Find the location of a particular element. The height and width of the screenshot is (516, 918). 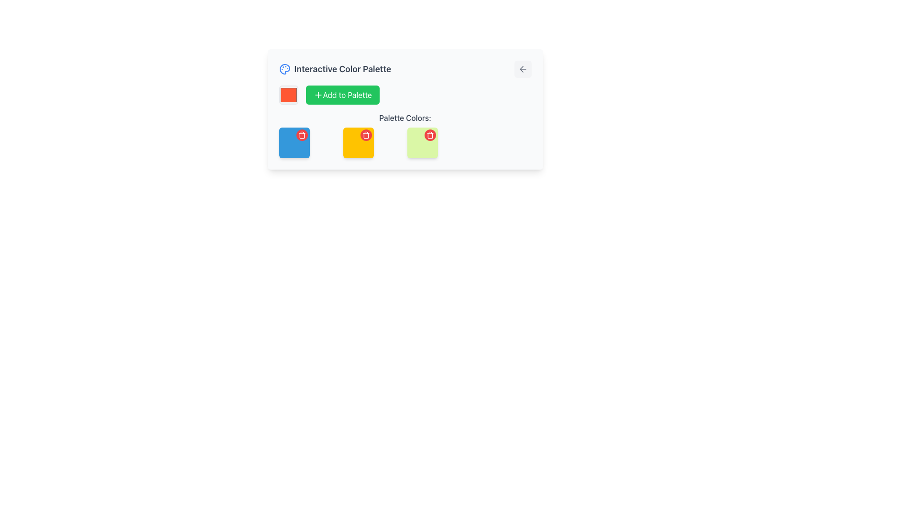

the delete icon located at the top-right corner of the red circular button is located at coordinates (365, 135).